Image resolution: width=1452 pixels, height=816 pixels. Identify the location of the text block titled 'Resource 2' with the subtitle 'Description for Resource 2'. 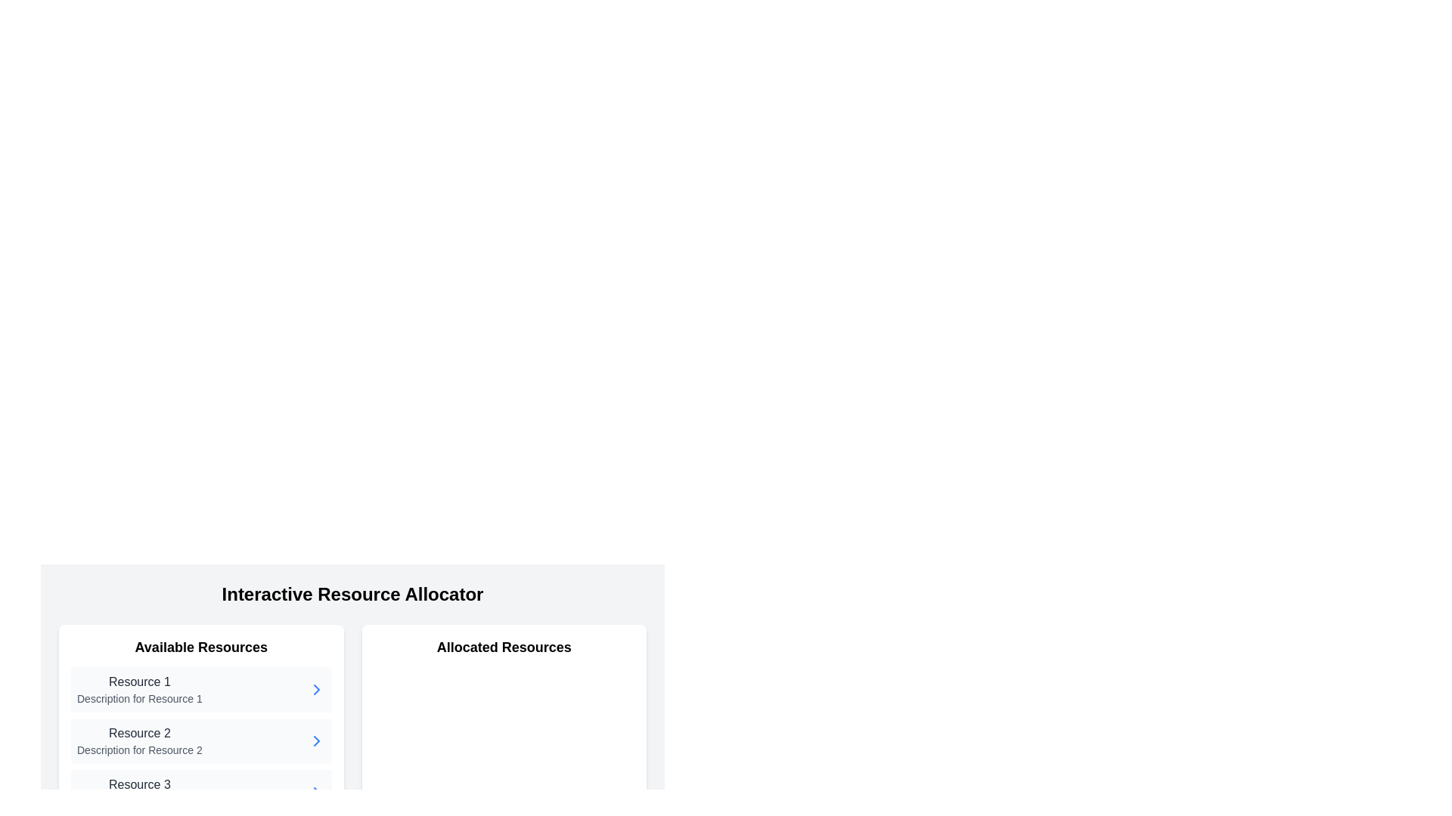
(139, 740).